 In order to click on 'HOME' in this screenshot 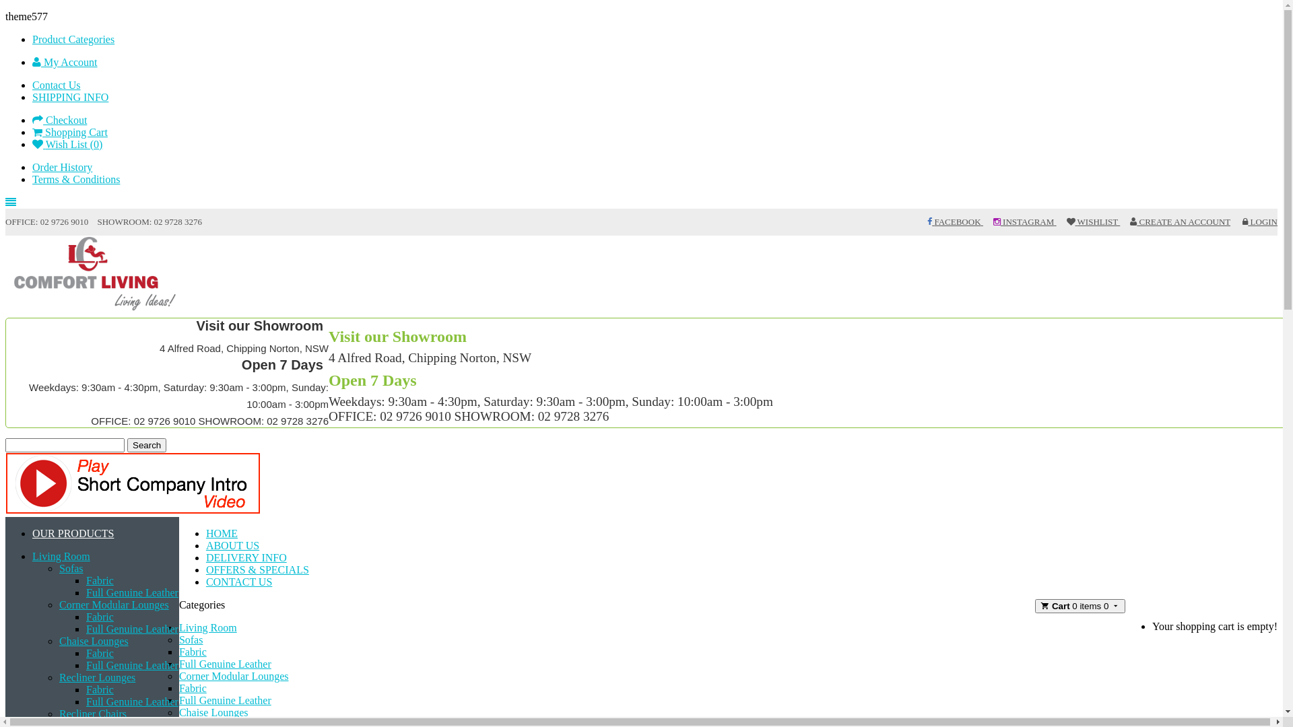, I will do `click(222, 532)`.